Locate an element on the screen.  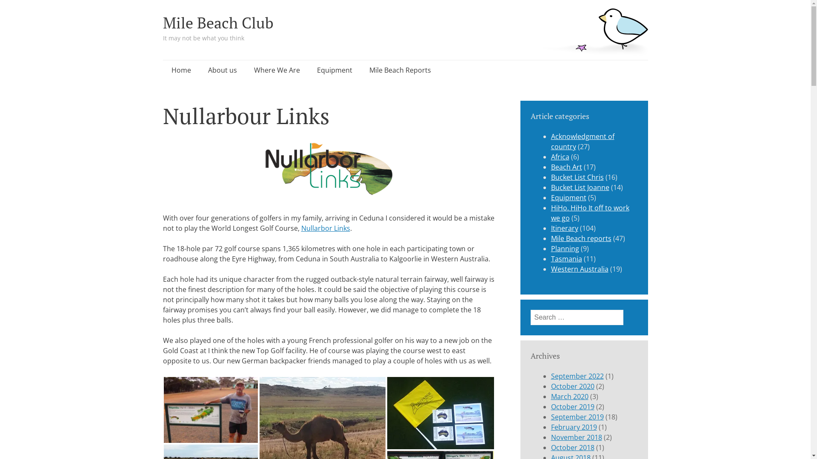
'Bucket List Joanne' is located at coordinates (551, 187).